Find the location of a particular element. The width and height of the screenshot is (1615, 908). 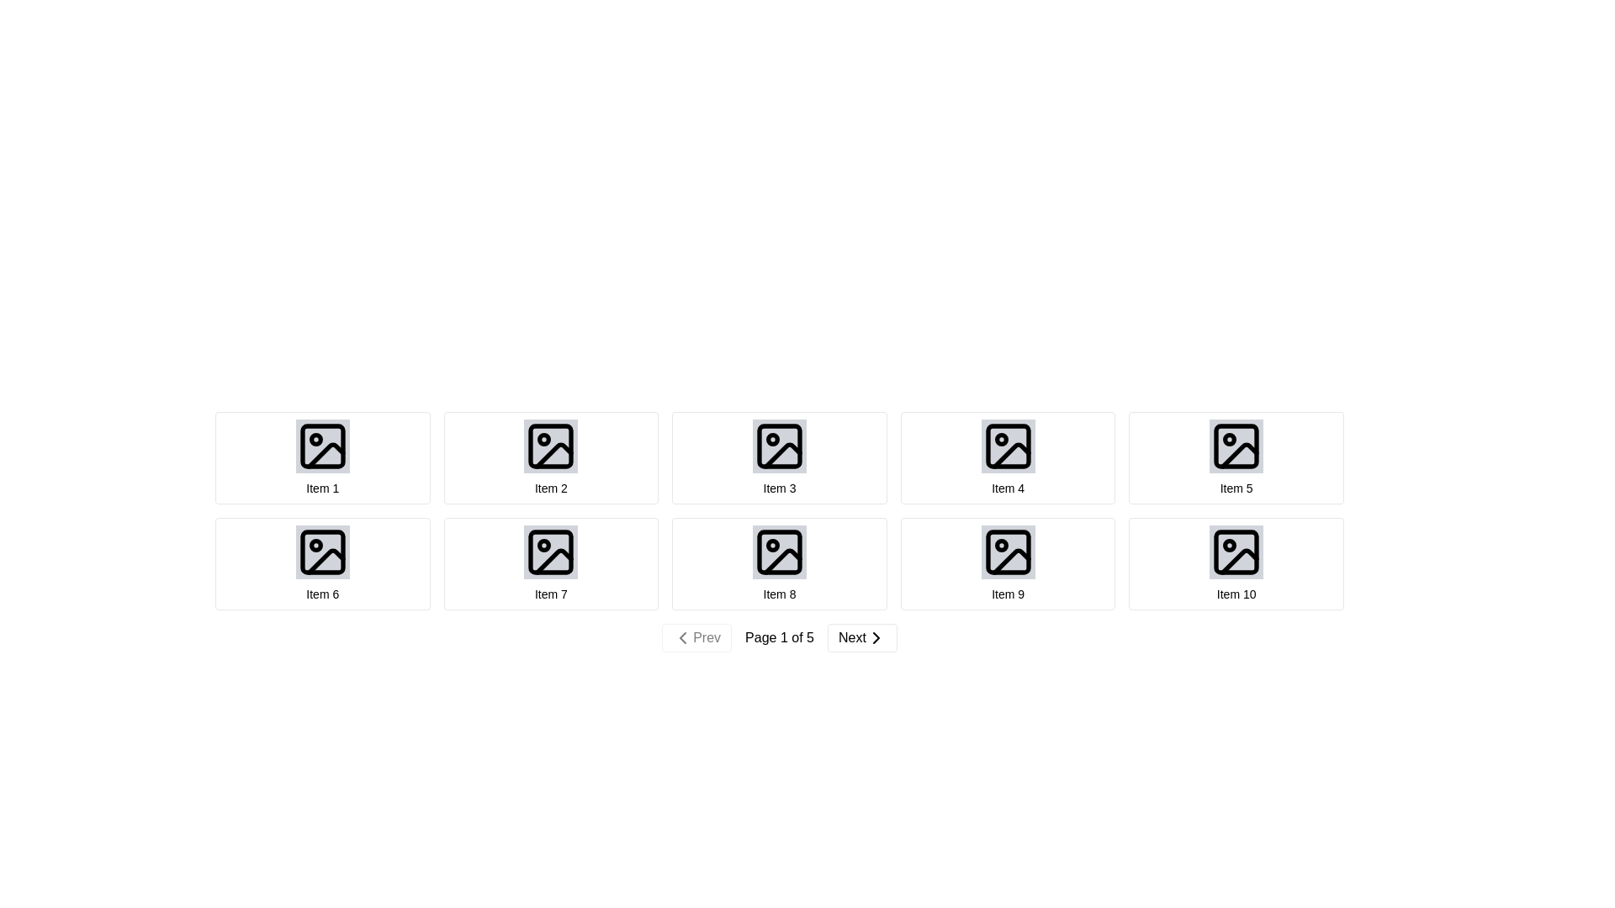

the arrow icon located at the bottom-right corner of the interface is located at coordinates (875, 638).